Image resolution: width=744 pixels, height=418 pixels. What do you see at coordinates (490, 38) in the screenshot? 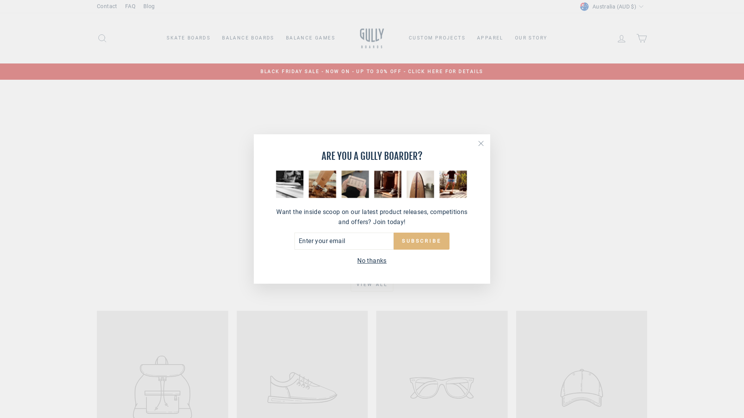
I see `'APPAREL'` at bounding box center [490, 38].